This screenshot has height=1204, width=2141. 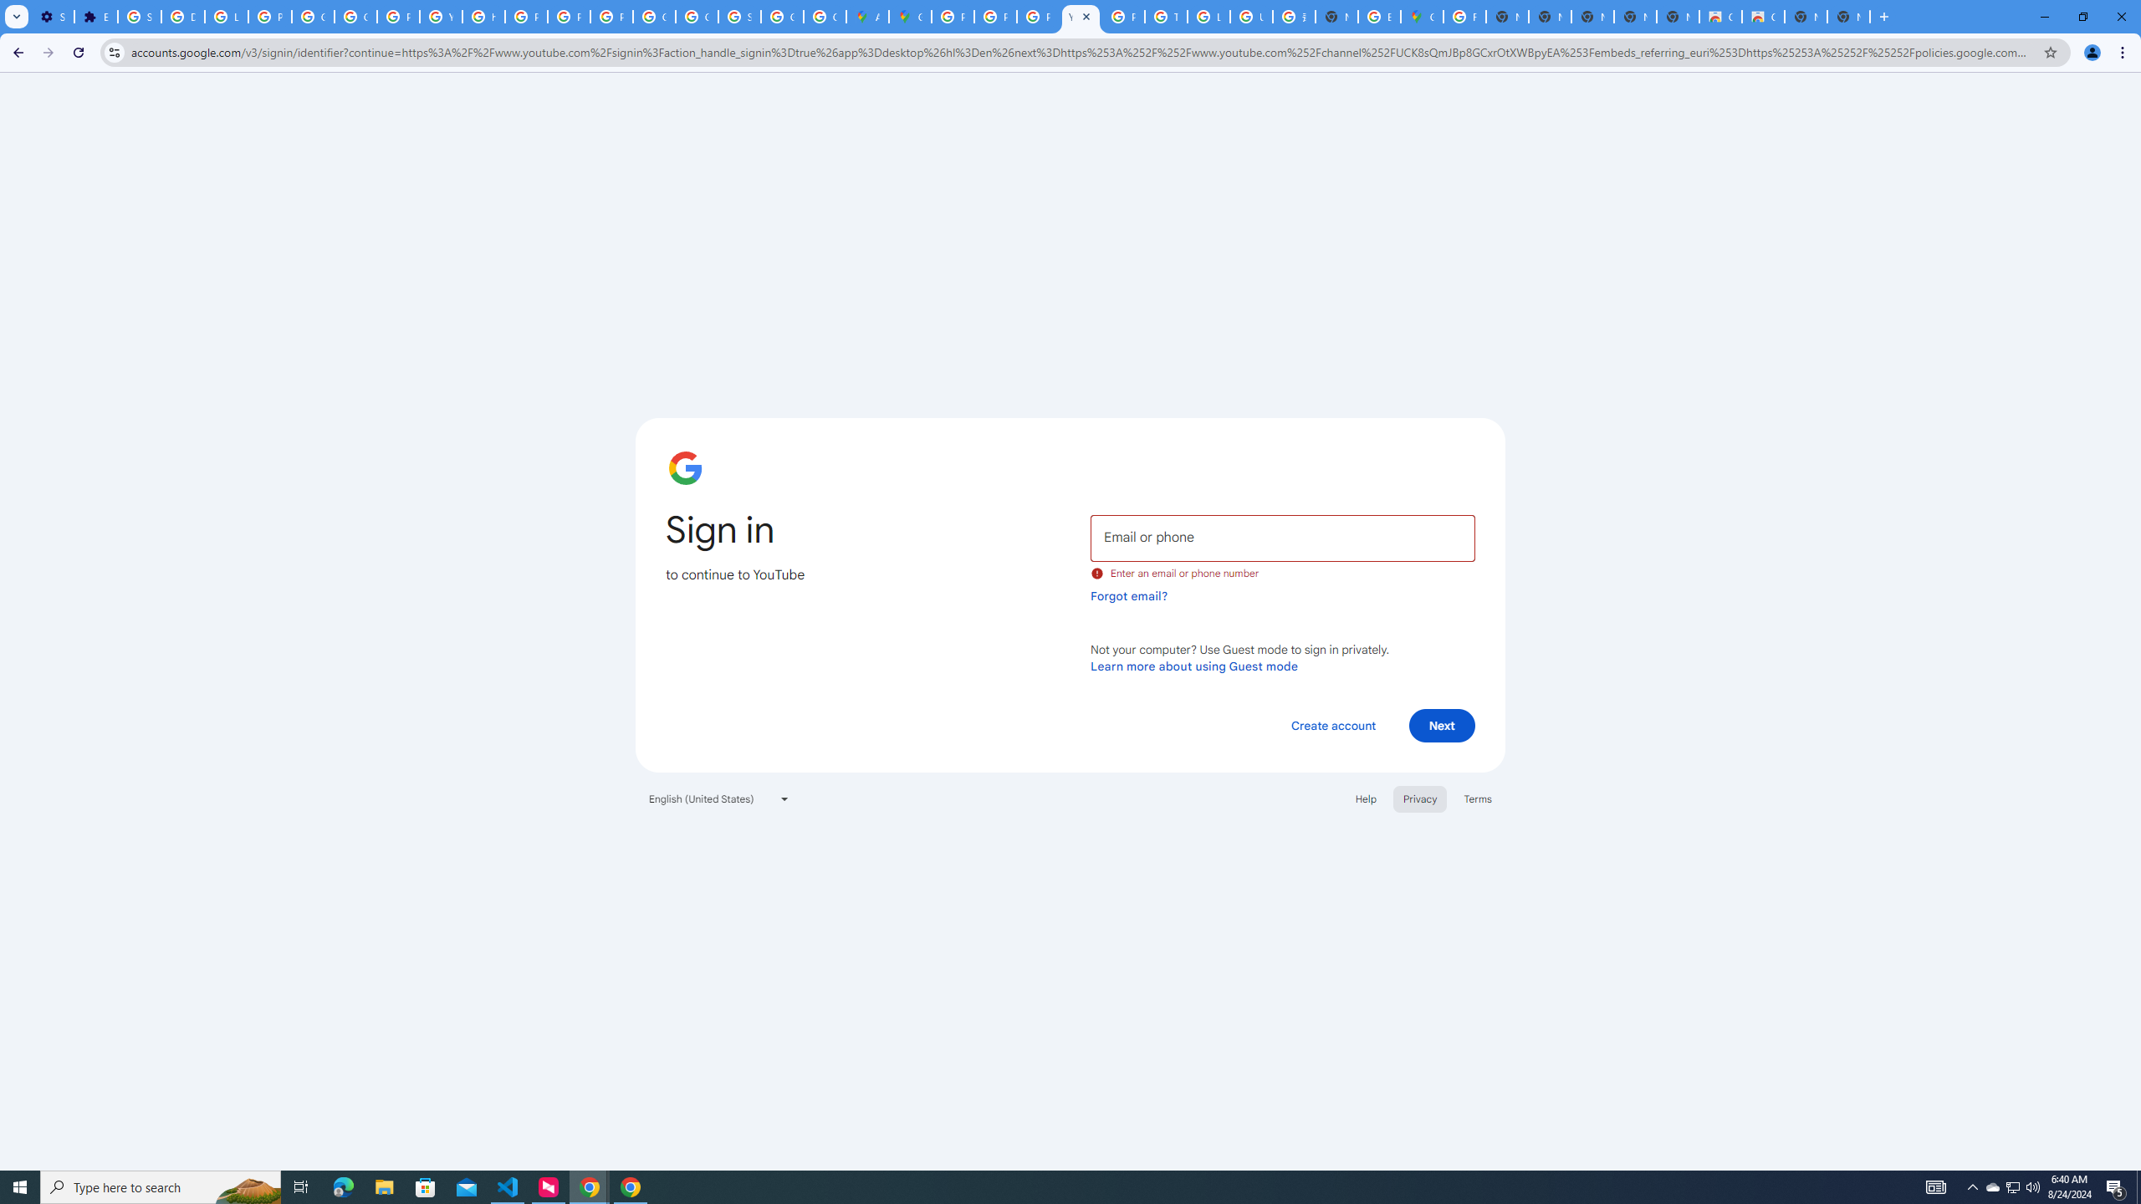 I want to click on 'YouTube', so click(x=1080, y=16).